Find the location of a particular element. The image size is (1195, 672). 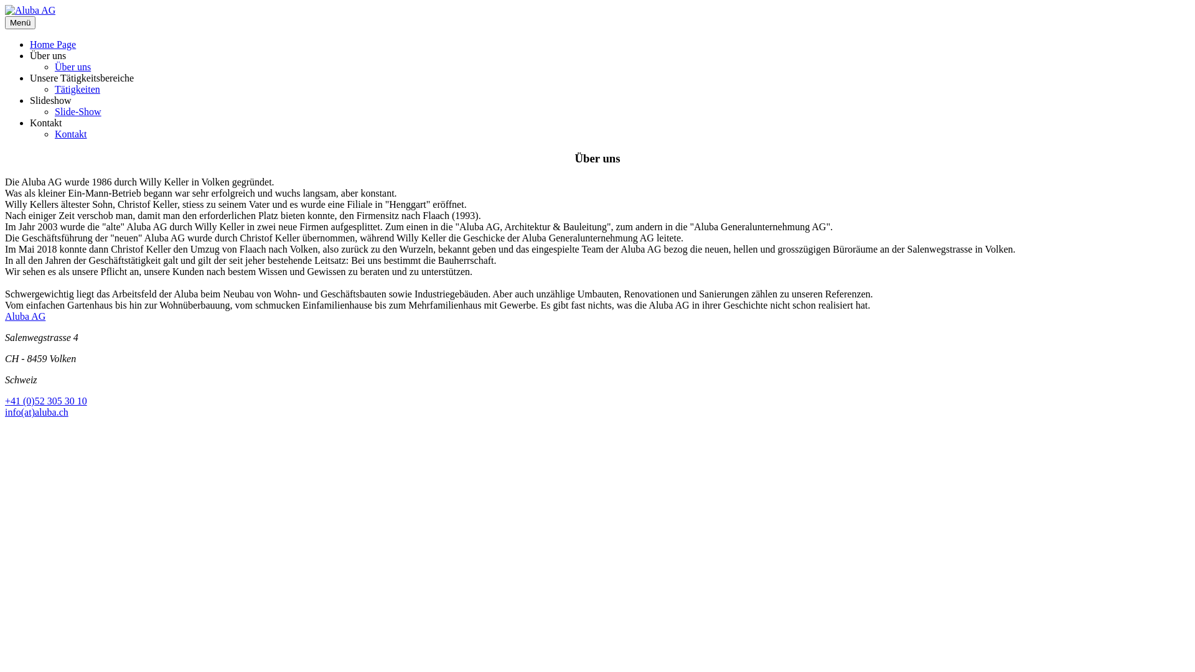

'Slide-Show' is located at coordinates (54, 111).